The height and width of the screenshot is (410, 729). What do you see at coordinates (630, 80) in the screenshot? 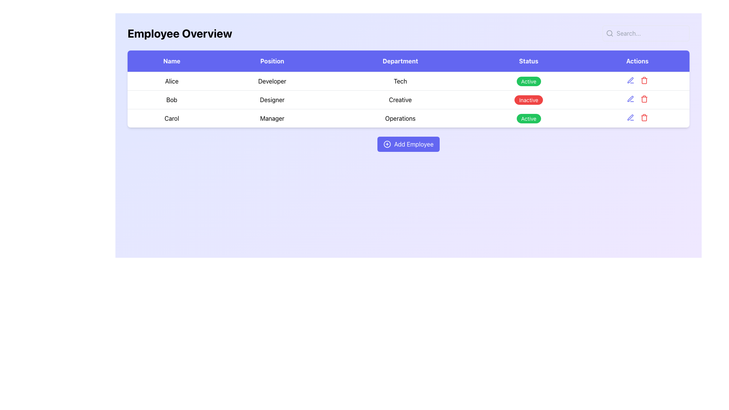
I see `the 'Edit' icon located in the actions section of the table row for the user 'Bob' to modify the entry details` at bounding box center [630, 80].